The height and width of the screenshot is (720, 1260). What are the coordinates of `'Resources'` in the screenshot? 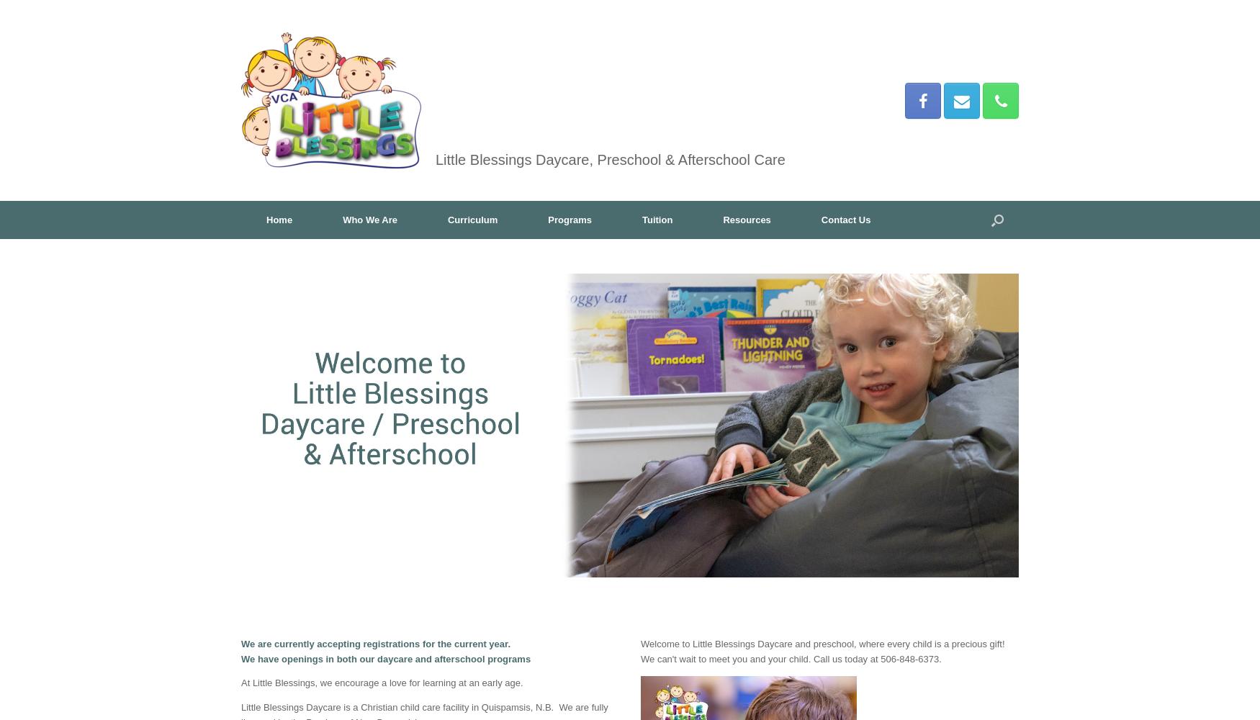 It's located at (746, 220).